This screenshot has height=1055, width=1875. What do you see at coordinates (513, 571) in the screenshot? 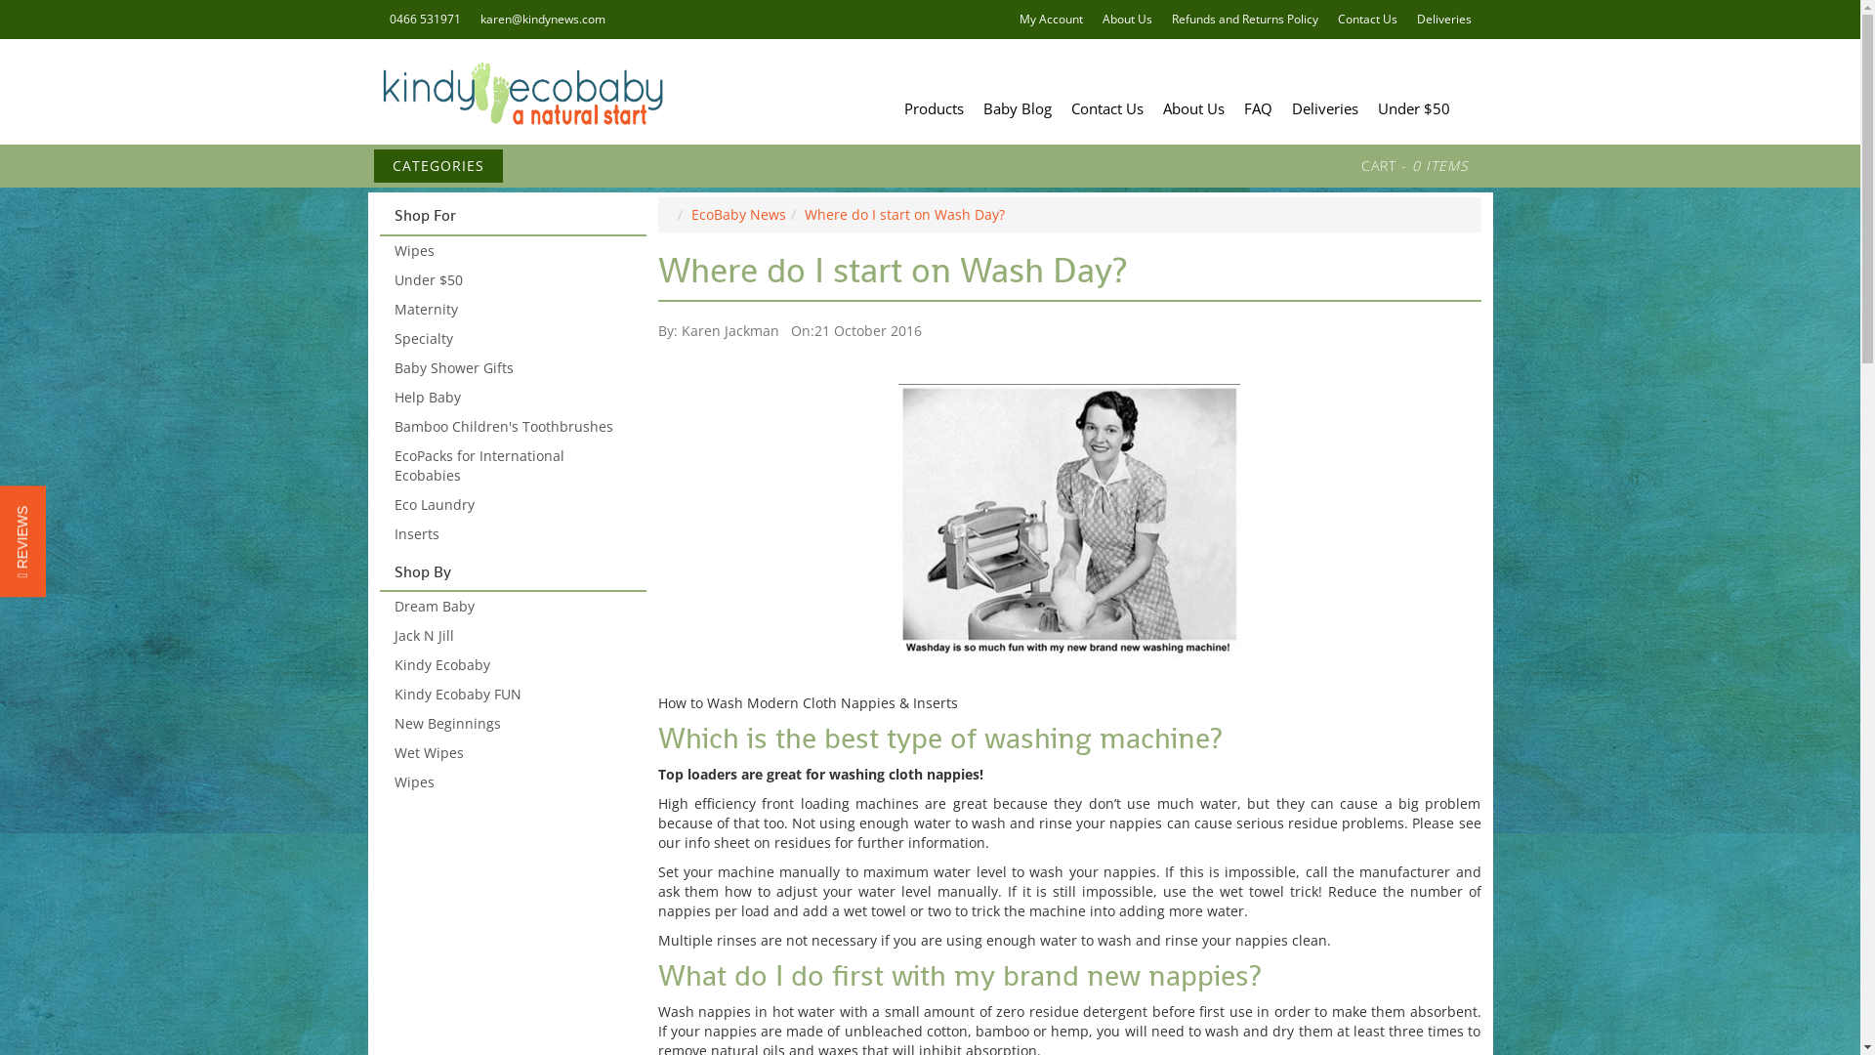
I see `'Shop By'` at bounding box center [513, 571].